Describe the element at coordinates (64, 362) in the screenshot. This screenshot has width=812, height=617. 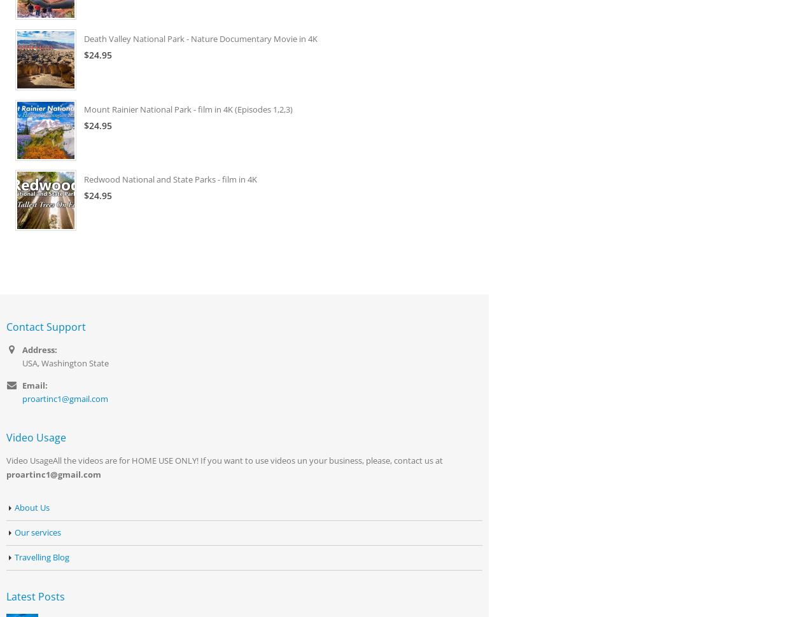
I see `'USA, Washington State'` at that location.